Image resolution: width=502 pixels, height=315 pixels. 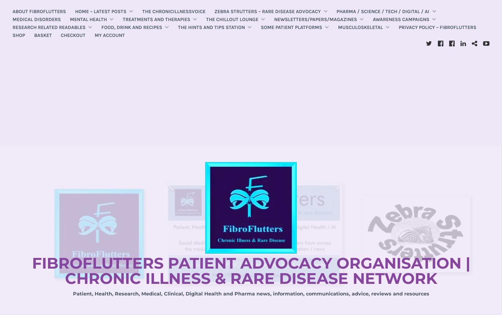 I want to click on 'Checkout', so click(x=73, y=35).